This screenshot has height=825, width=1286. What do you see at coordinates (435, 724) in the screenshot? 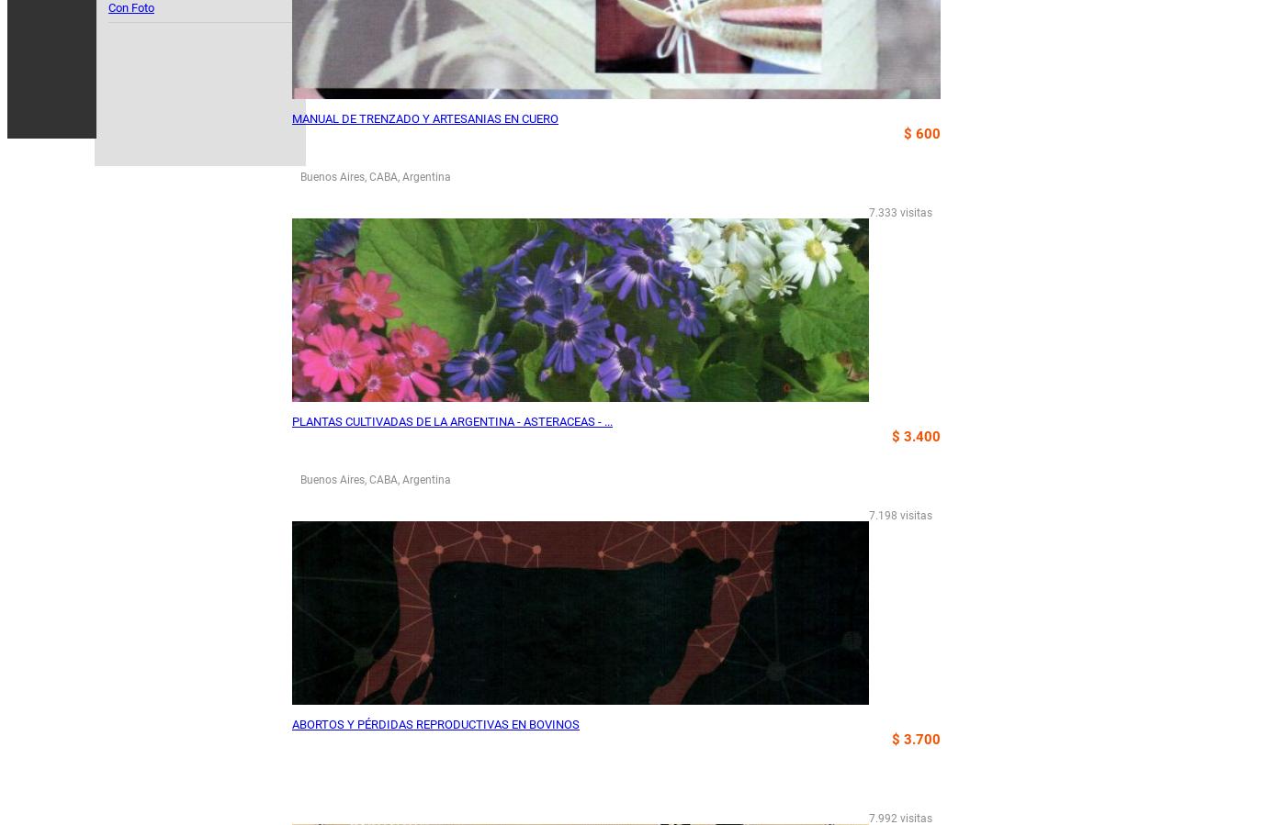
I see `'ABORTOS Y PÉRDIDAS REPRODUCTIVAS EN BOVINOS'` at bounding box center [435, 724].